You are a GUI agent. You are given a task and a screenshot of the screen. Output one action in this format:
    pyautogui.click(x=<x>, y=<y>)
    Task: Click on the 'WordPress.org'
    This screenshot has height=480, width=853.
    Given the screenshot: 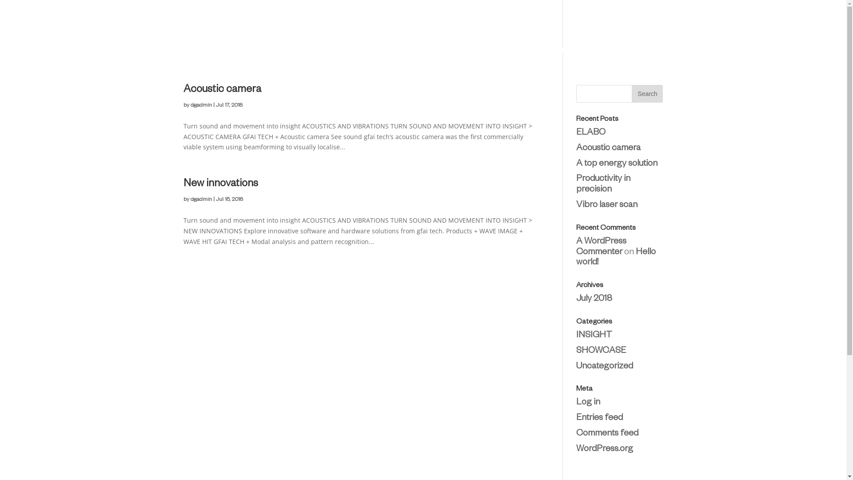 What is the action you would take?
    pyautogui.click(x=604, y=449)
    